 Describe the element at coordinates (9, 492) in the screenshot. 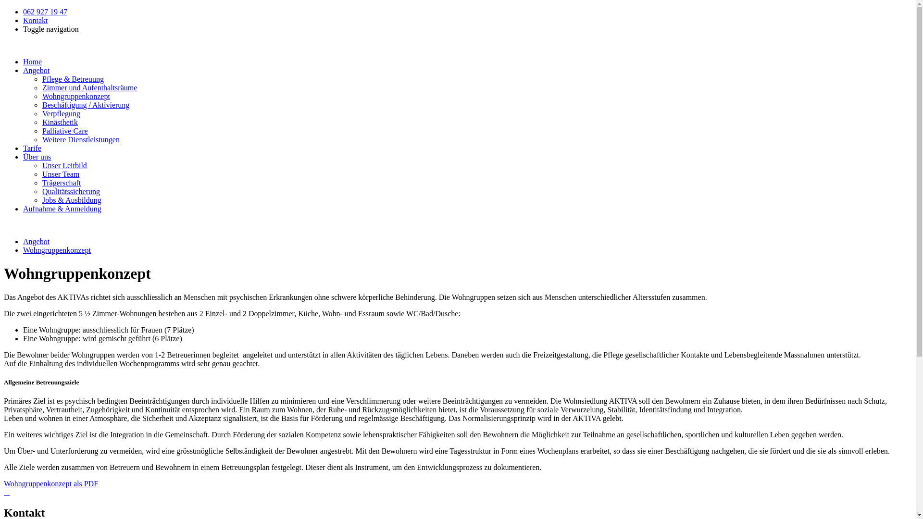

I see `'WG1.JPG'` at that location.